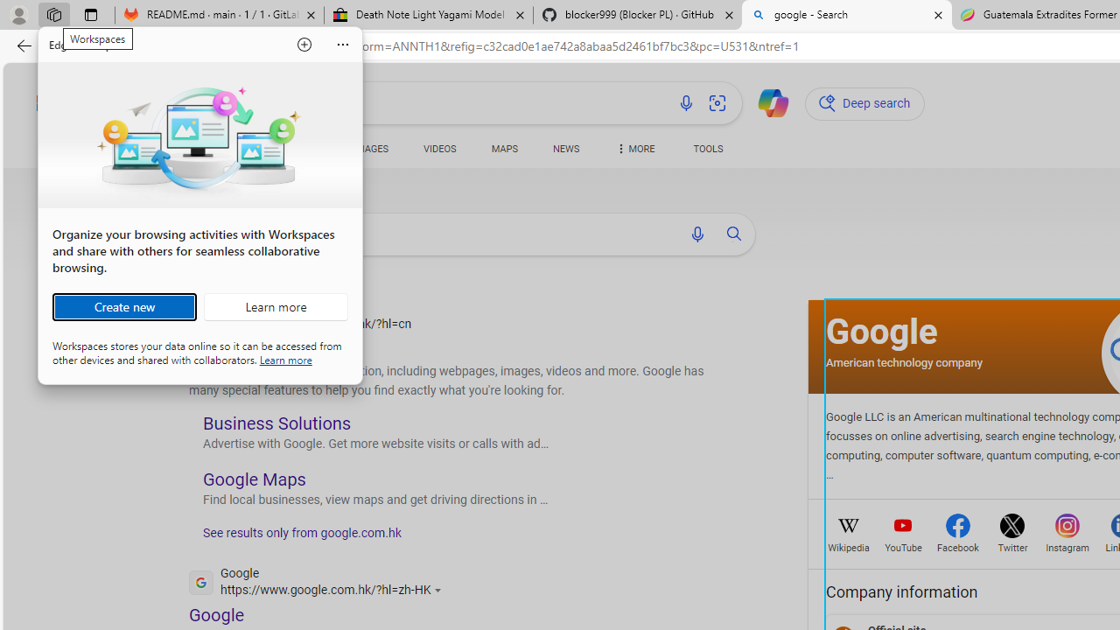 The height and width of the screenshot is (630, 1120). I want to click on 'Learn more about Workspaces privacy', so click(285, 358).